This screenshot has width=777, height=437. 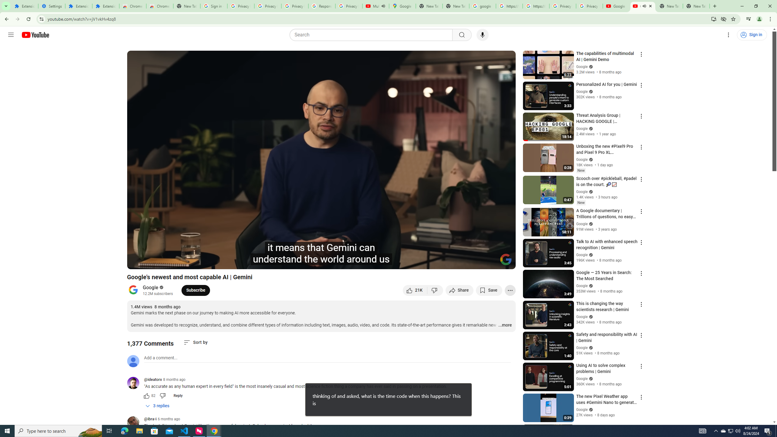 What do you see at coordinates (167, 262) in the screenshot?
I see `'Mute keyboard shortcut m'` at bounding box center [167, 262].